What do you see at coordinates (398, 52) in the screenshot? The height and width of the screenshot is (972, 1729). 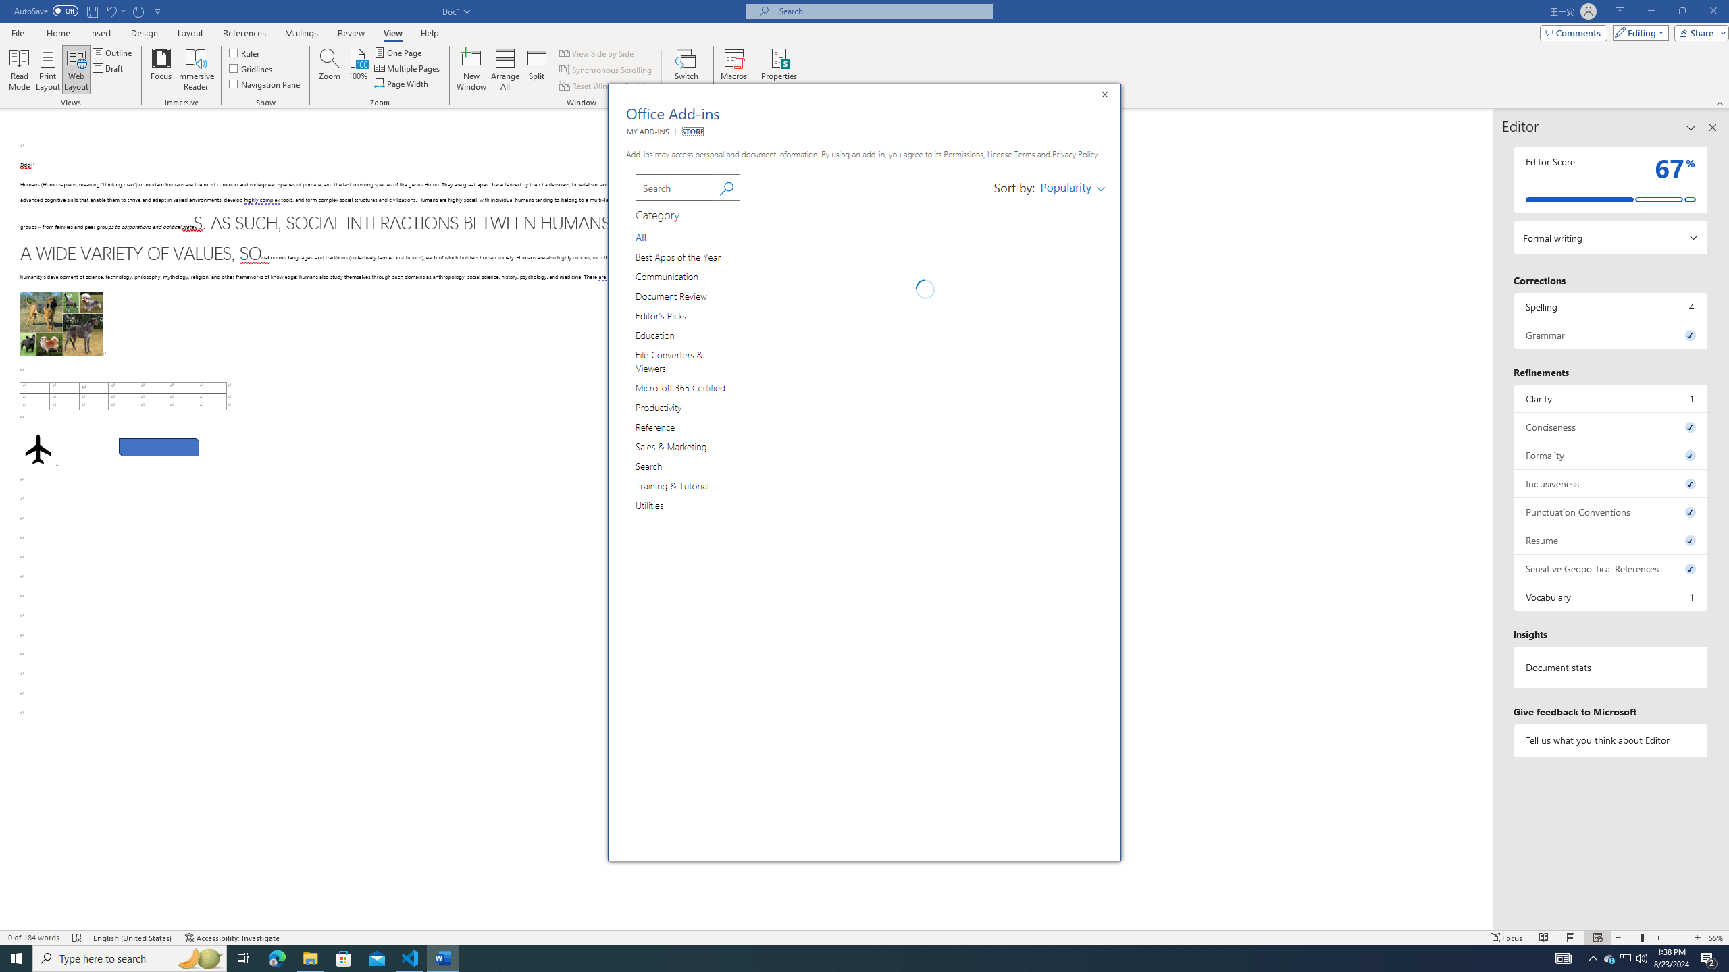 I see `'One Page'` at bounding box center [398, 52].